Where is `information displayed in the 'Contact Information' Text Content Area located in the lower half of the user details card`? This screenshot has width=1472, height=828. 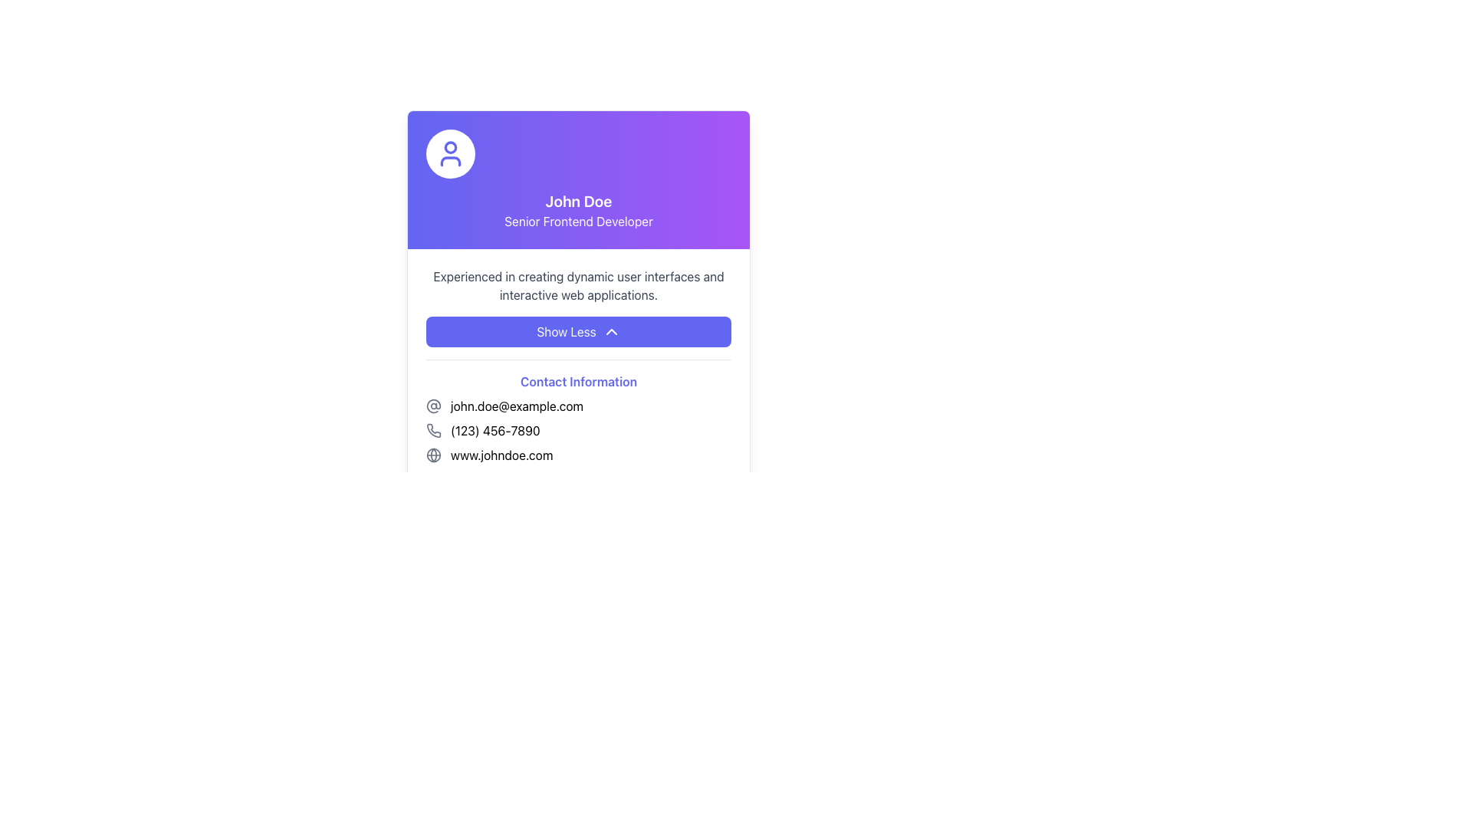 information displayed in the 'Contact Information' Text Content Area located in the lower half of the user details card is located at coordinates (577, 393).